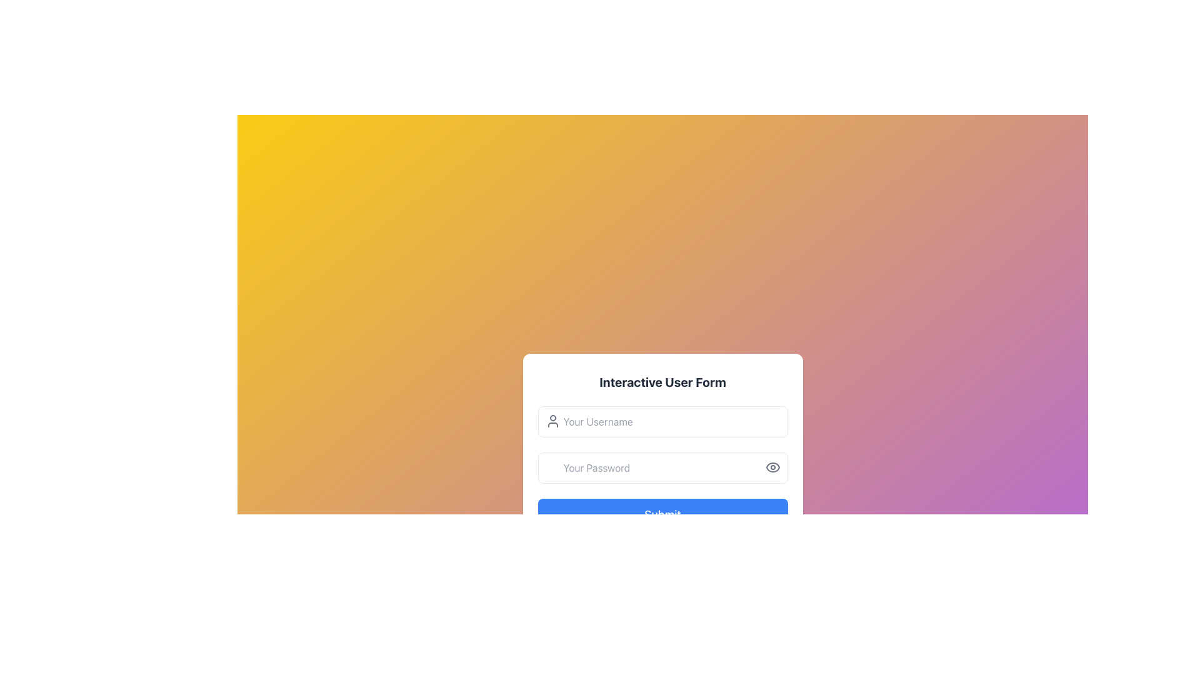  I want to click on the blue 'Submit' button with rounded edges, so click(662, 515).